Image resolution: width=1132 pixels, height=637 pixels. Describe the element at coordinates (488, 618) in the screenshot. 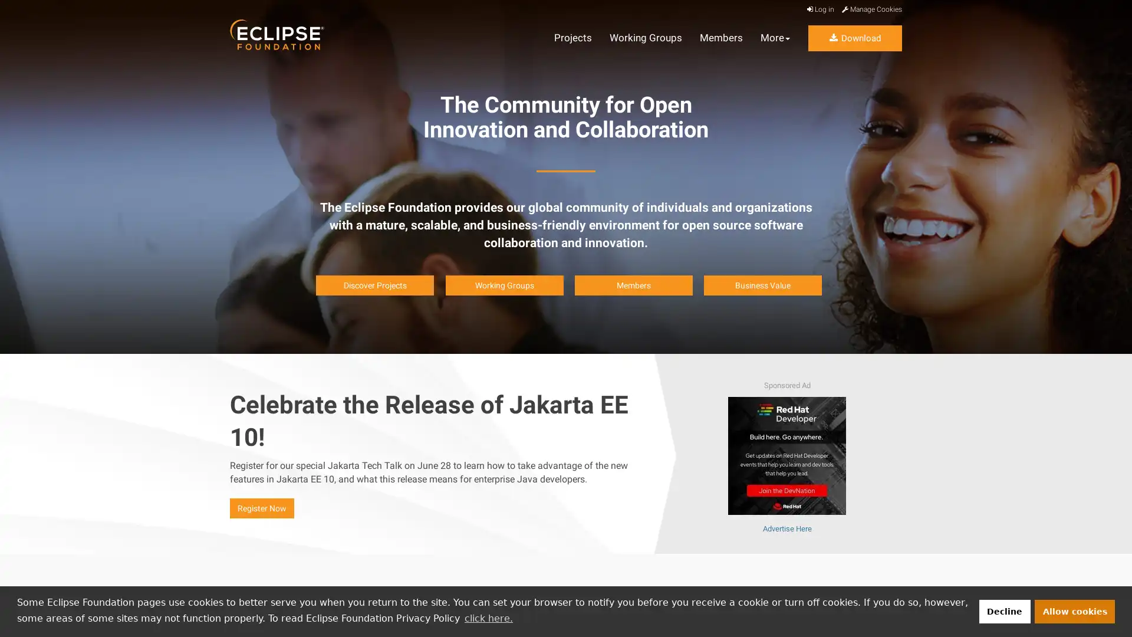

I see `learn more about cookies` at that location.